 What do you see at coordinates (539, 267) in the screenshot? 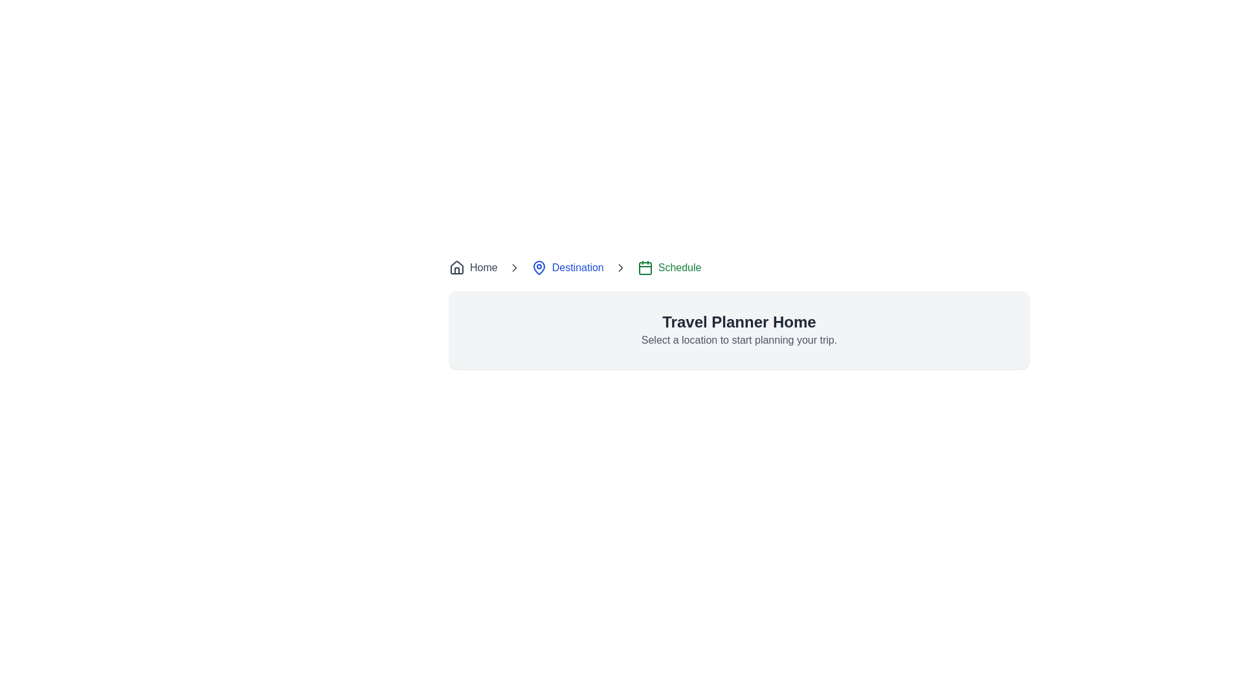
I see `the map marker icon that is positioned to the left of the 'Destination' label in the navigation breadcrumb layout` at bounding box center [539, 267].